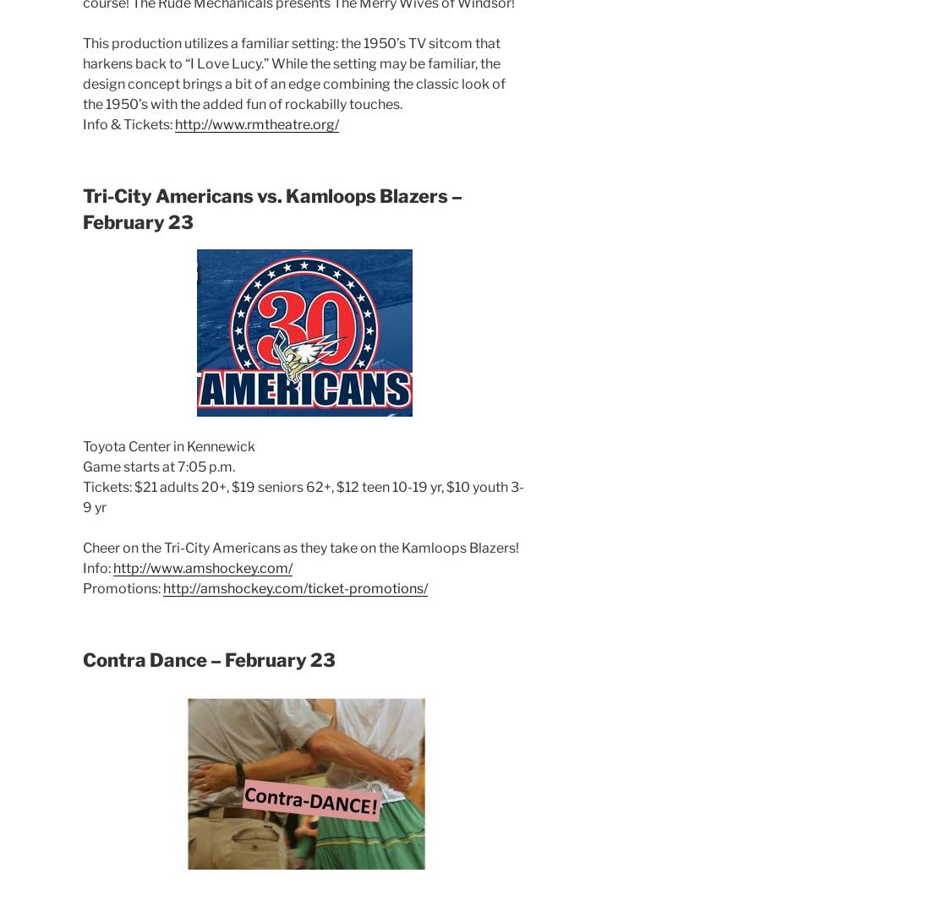 The image size is (930, 906). What do you see at coordinates (300, 548) in the screenshot?
I see `'Cheer on the Tri-City Americans as they take on the Kamloops Blazers!'` at bounding box center [300, 548].